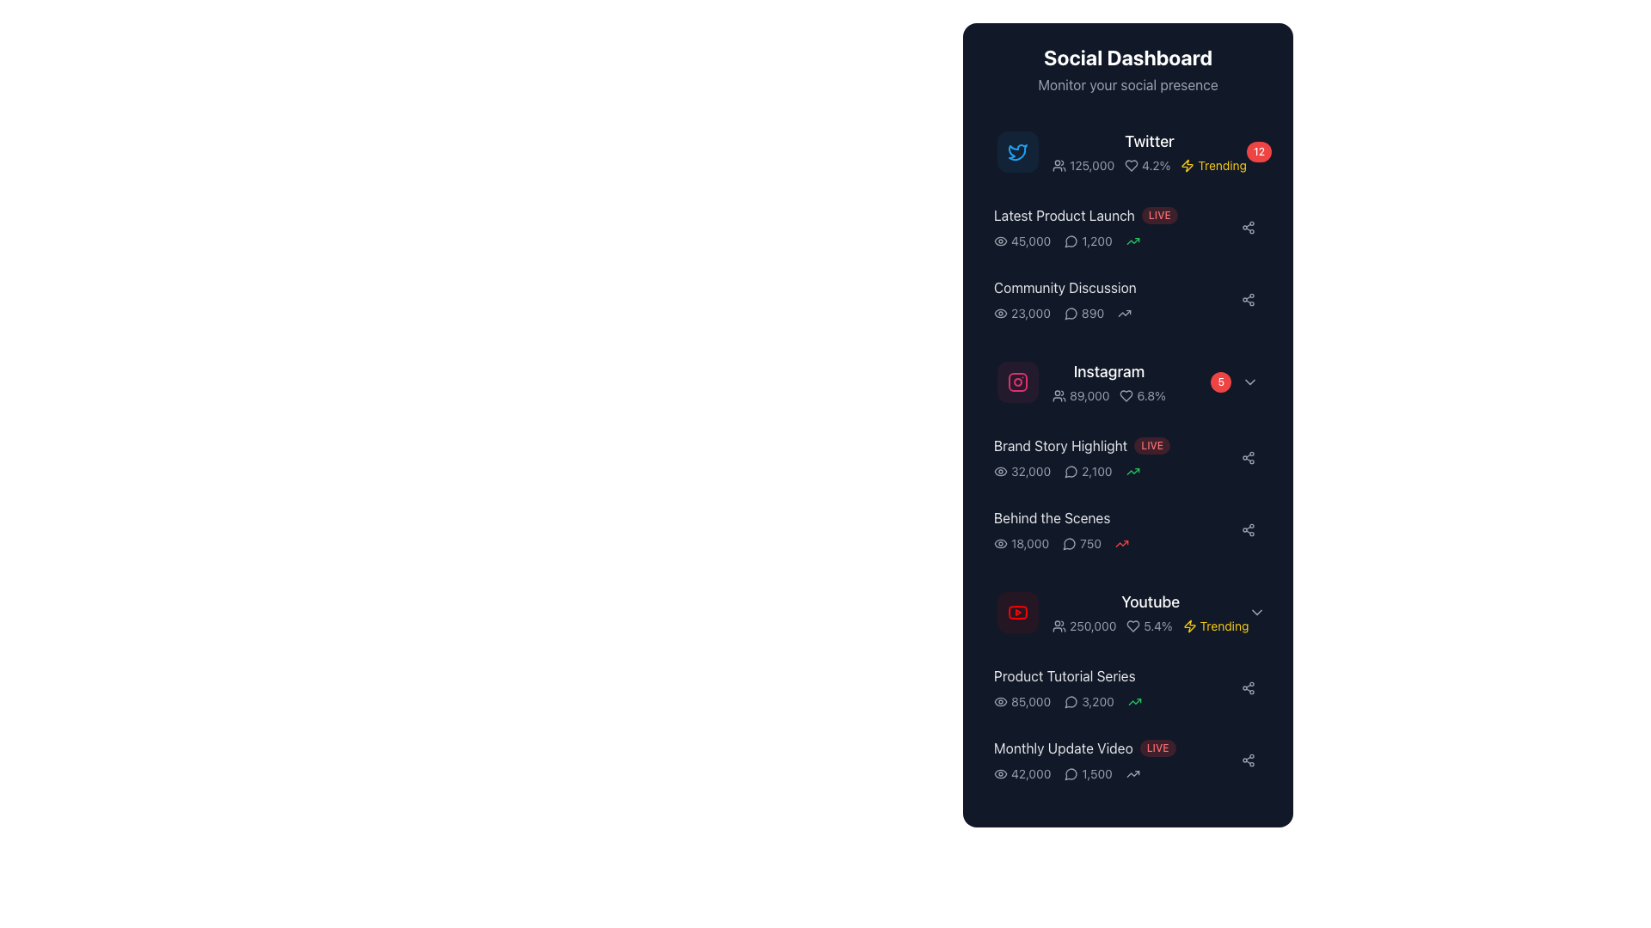 The height and width of the screenshot is (928, 1651). Describe the element at coordinates (1088, 241) in the screenshot. I see `the Text with icon that shows the number of comments, discussions, or engagements on the associated social media post, located in the 'Latest Product Launch' subsection under 'Social Dashboard'` at that location.